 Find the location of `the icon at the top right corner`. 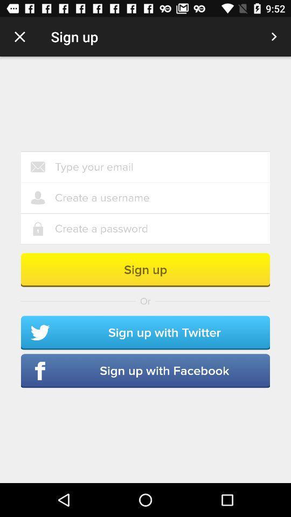

the icon at the top right corner is located at coordinates (274, 37).